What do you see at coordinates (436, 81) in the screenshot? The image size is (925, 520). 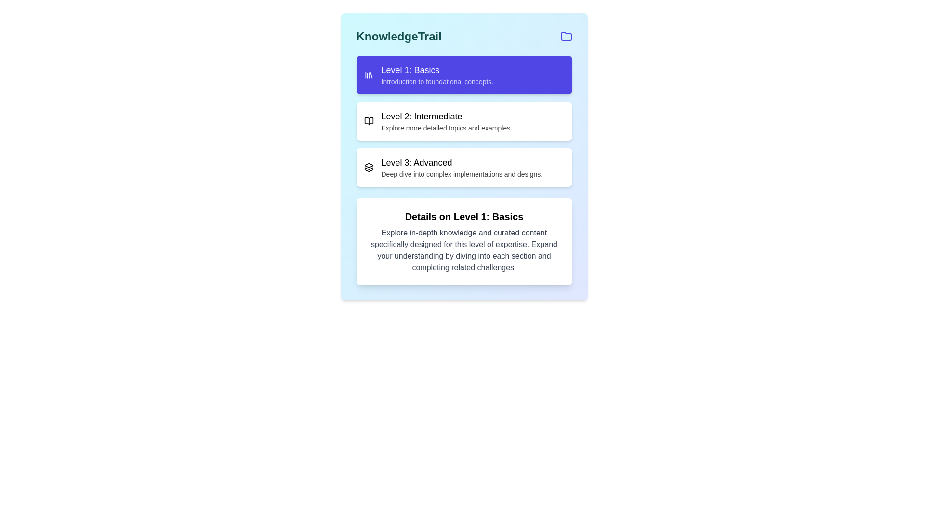 I see `text label that says 'Introduction to foundational concepts.' located below the title 'Level 1: Basics' in the 'KnowledgeTrail' interface` at bounding box center [436, 81].